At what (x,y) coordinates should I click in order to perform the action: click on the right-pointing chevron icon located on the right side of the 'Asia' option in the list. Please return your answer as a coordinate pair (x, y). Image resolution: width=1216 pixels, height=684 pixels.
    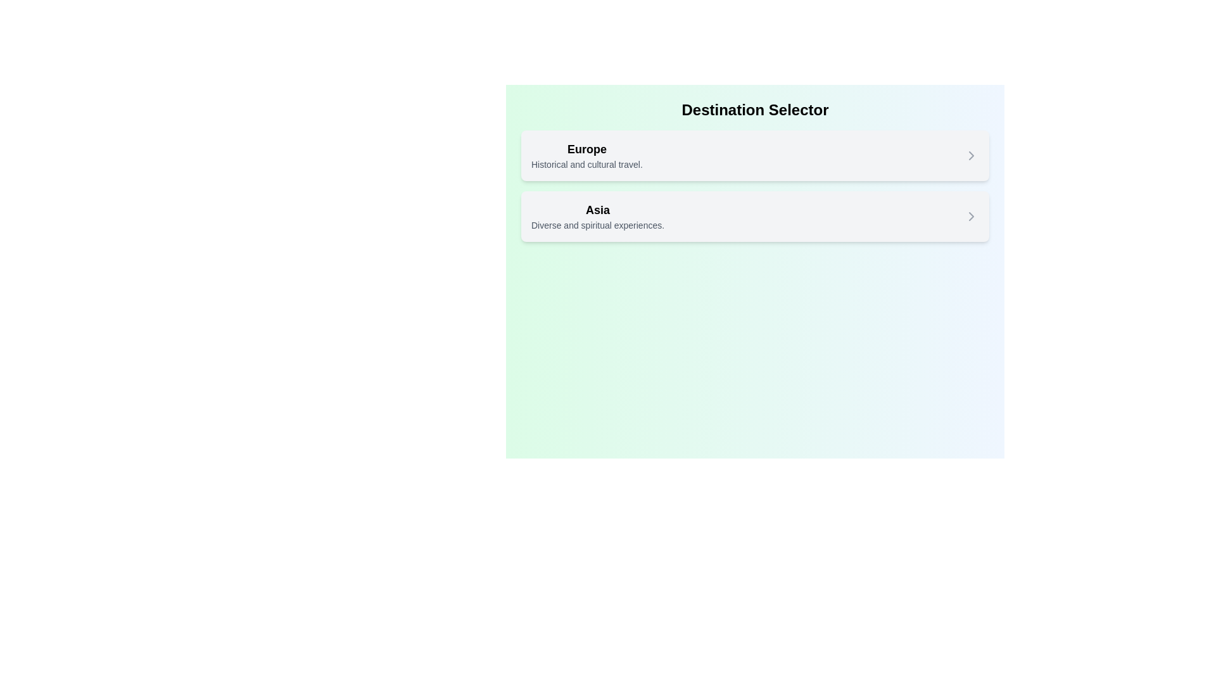
    Looking at the image, I should click on (971, 216).